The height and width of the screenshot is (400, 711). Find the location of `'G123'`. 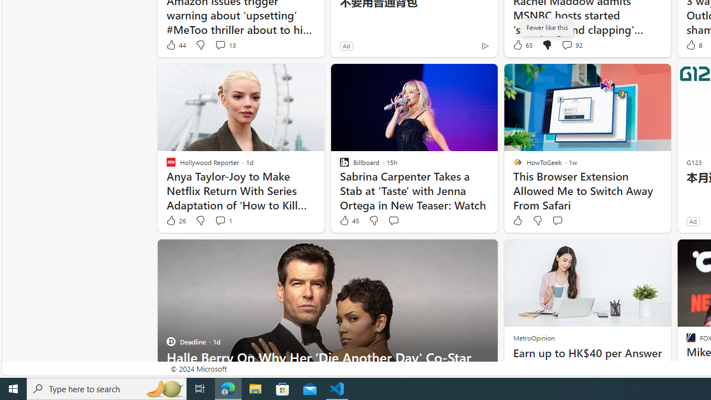

'G123' is located at coordinates (693, 162).